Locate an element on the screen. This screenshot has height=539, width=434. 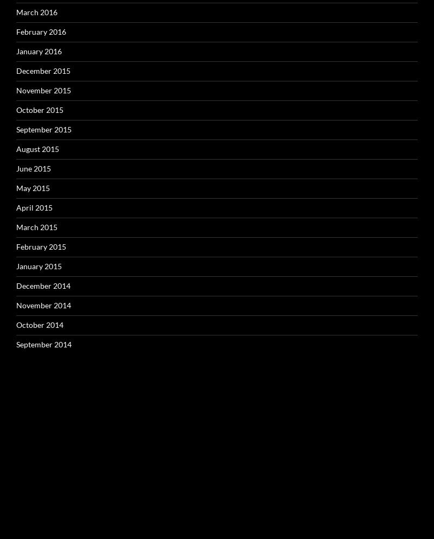
'Autofocus' is located at coordinates (33, 517).